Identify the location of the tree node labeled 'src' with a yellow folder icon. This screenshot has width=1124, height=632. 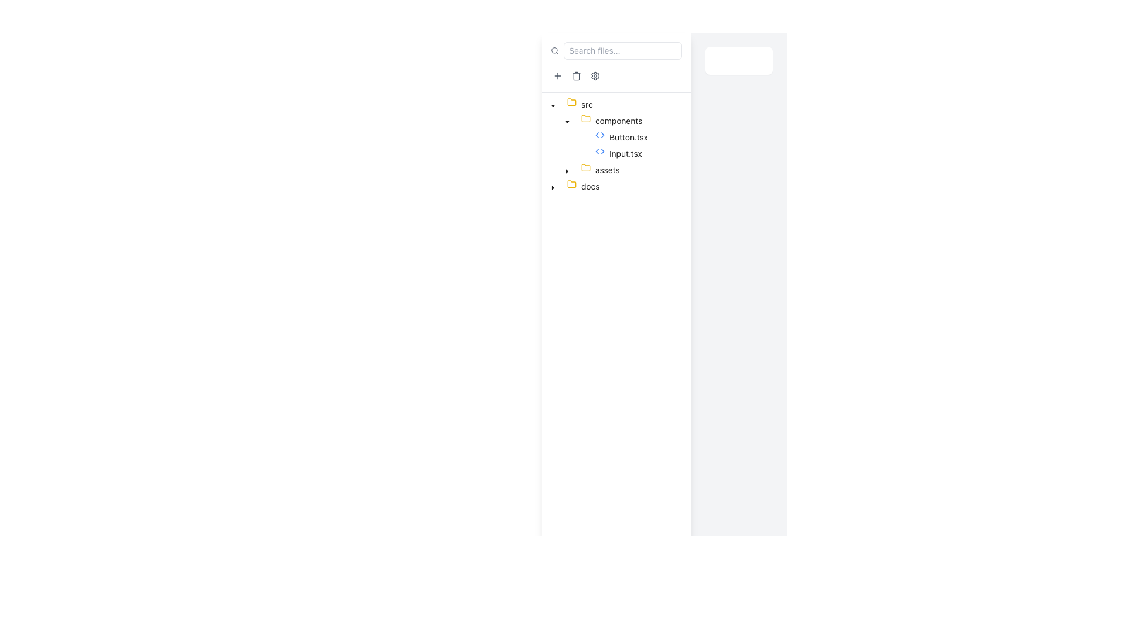
(571, 104).